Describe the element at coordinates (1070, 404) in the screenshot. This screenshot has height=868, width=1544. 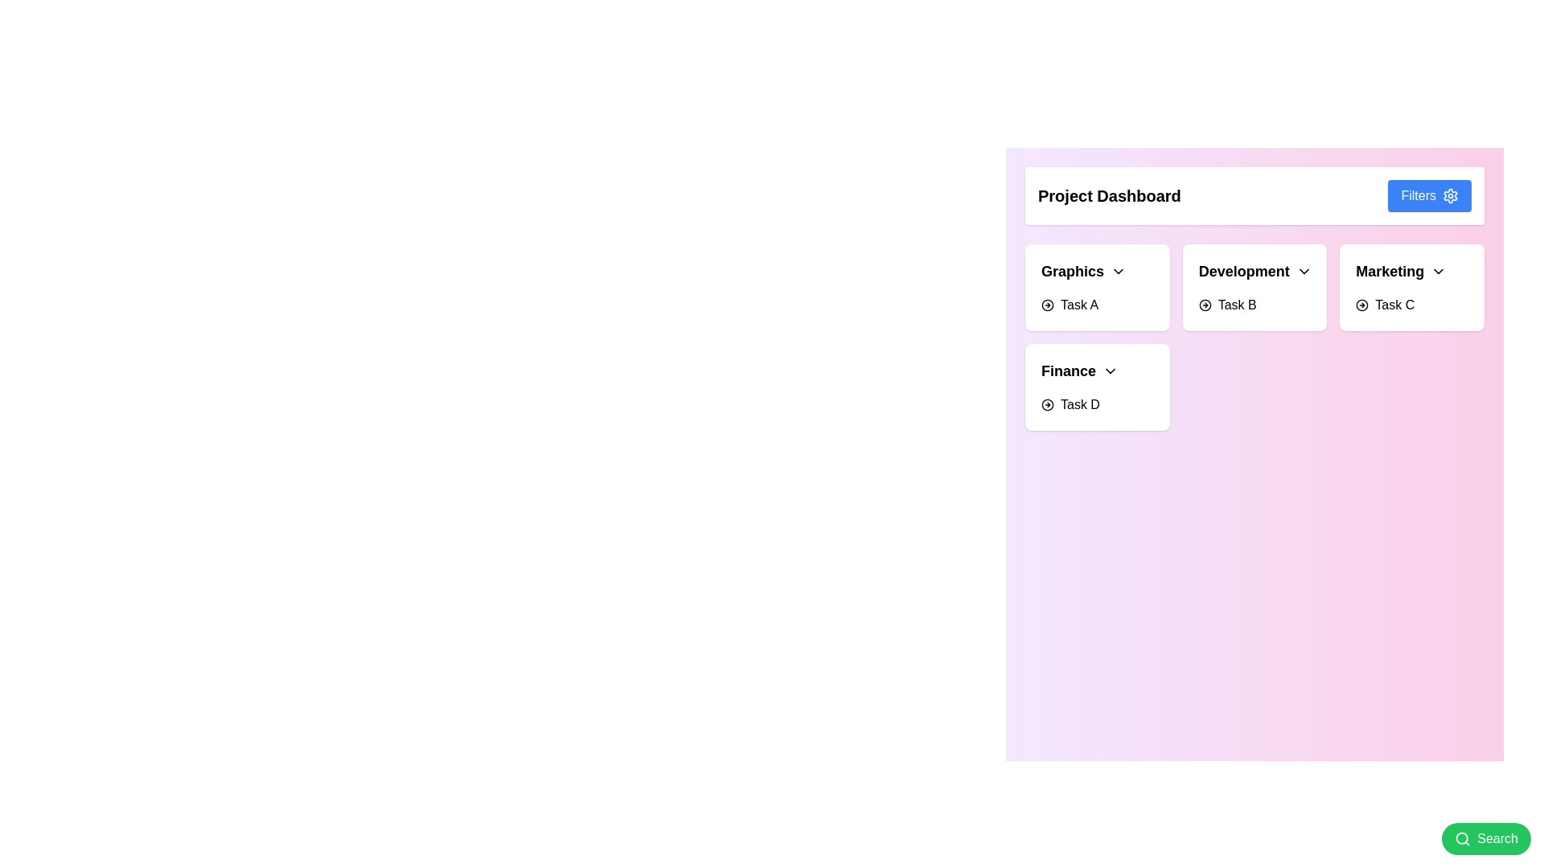
I see `the 'Task D' element, which is a text and icon combination located under the 'Finance' section as the last item` at that location.